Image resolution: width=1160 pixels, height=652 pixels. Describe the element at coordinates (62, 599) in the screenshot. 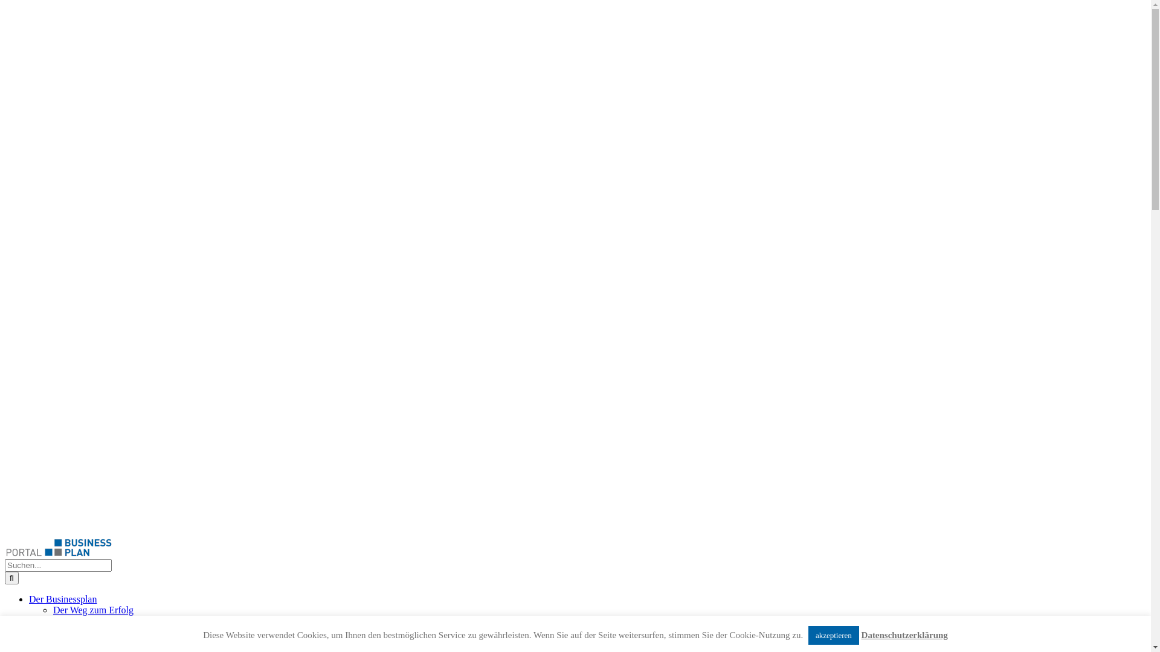

I see `'Der Businessplan'` at that location.